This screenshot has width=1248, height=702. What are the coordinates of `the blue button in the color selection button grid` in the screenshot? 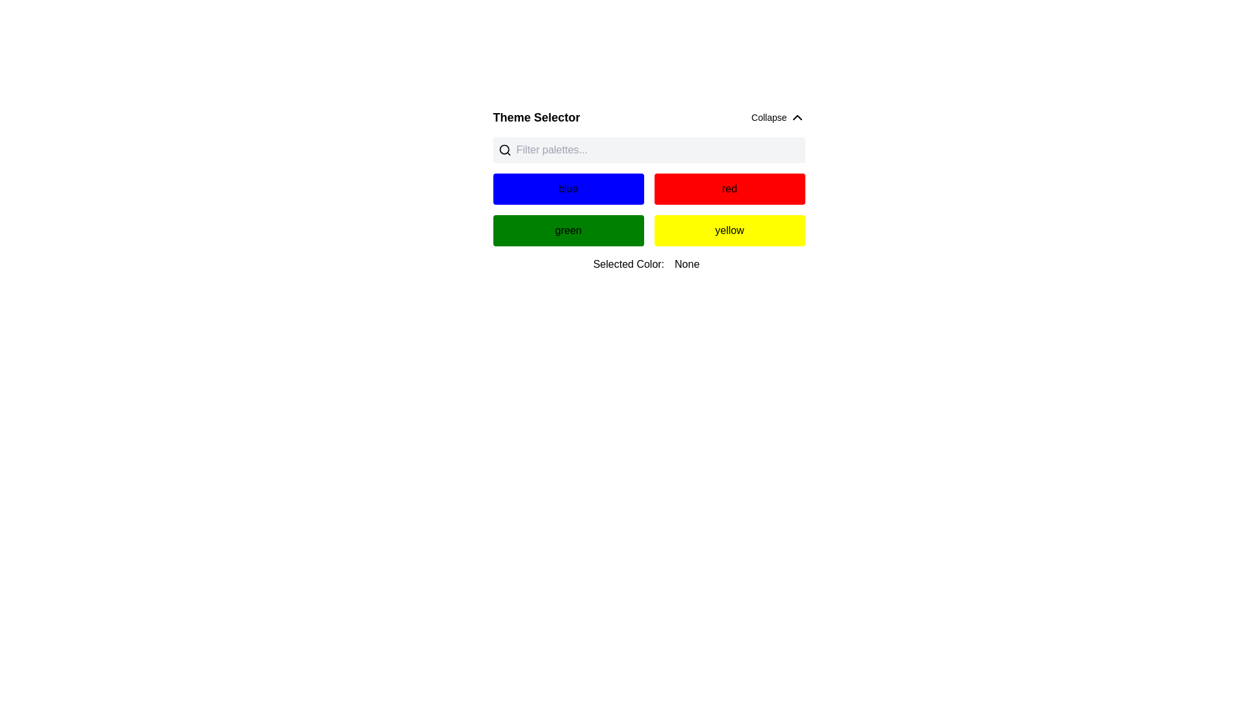 It's located at (649, 190).